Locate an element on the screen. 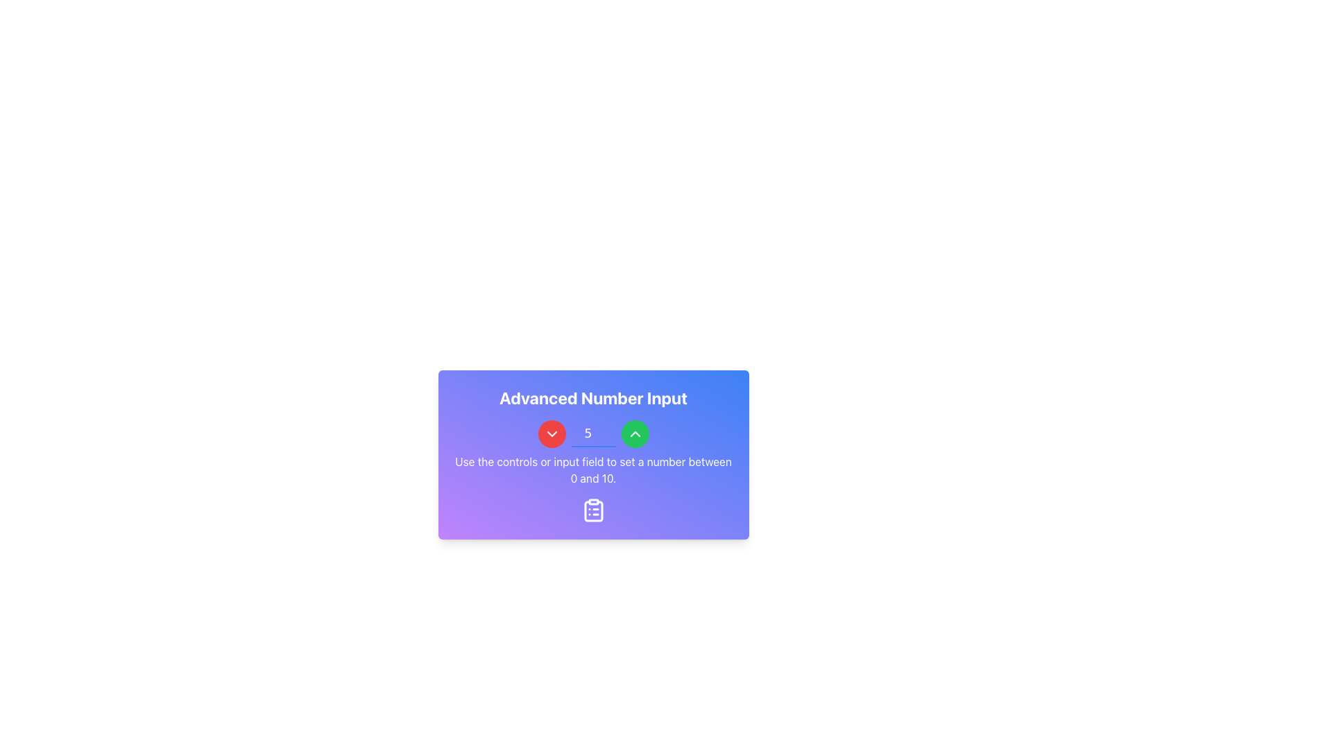 This screenshot has width=1332, height=749. the downward chevron button located to the left of the numeric input field labeled '5' to decrement the value is located at coordinates (551, 433).